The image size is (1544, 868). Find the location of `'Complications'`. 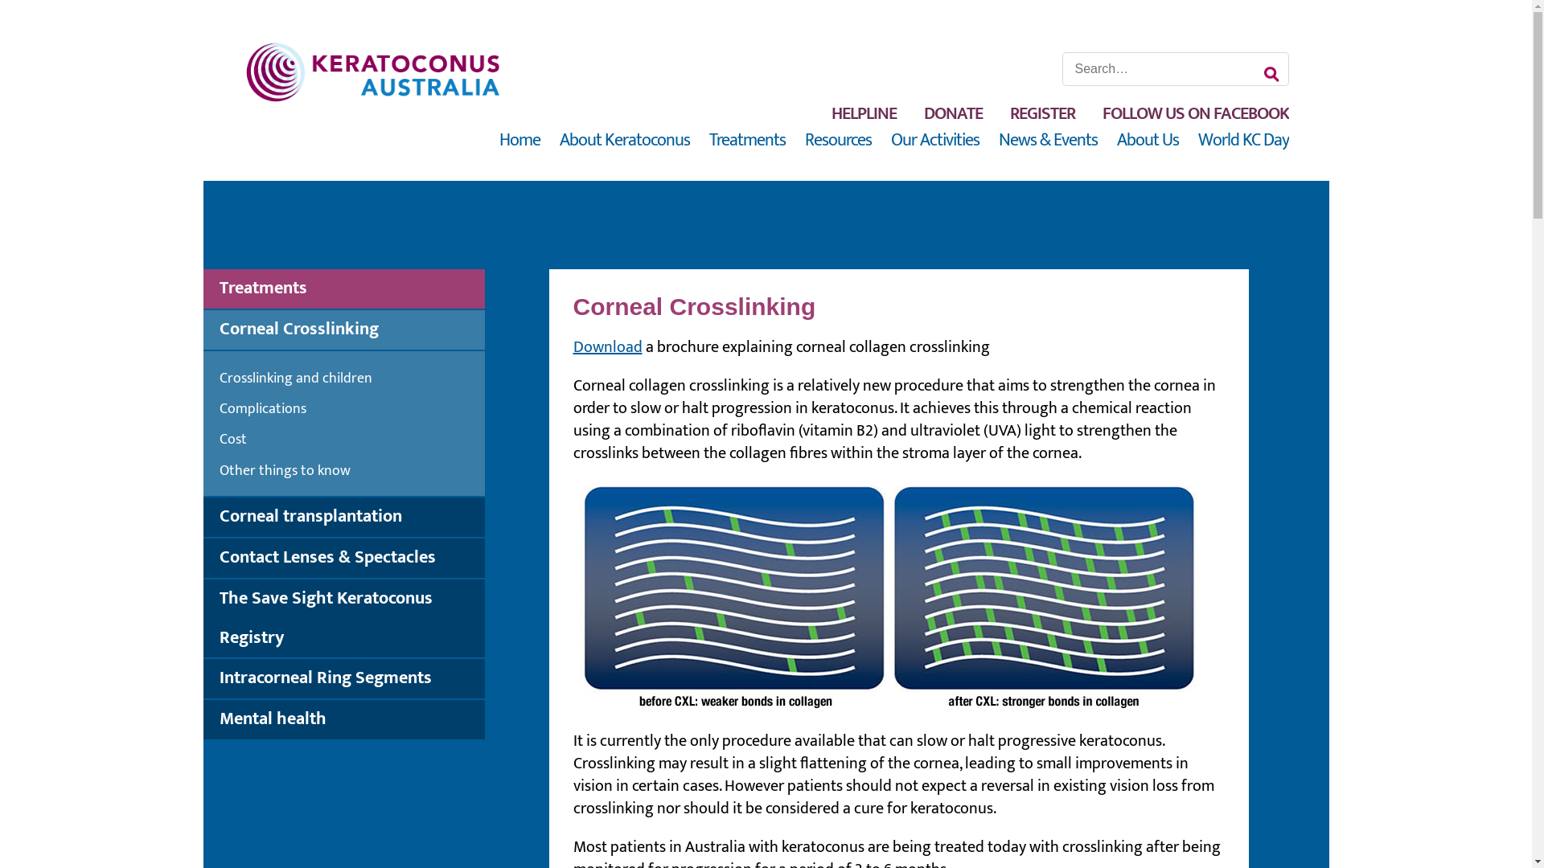

'Complications' is located at coordinates (350, 408).